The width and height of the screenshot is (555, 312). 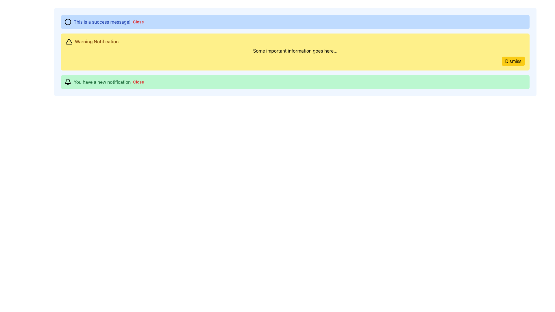 I want to click on the notification panel that displays 'This is a success message!' with a light blue background and a dismiss option, so click(x=295, y=22).